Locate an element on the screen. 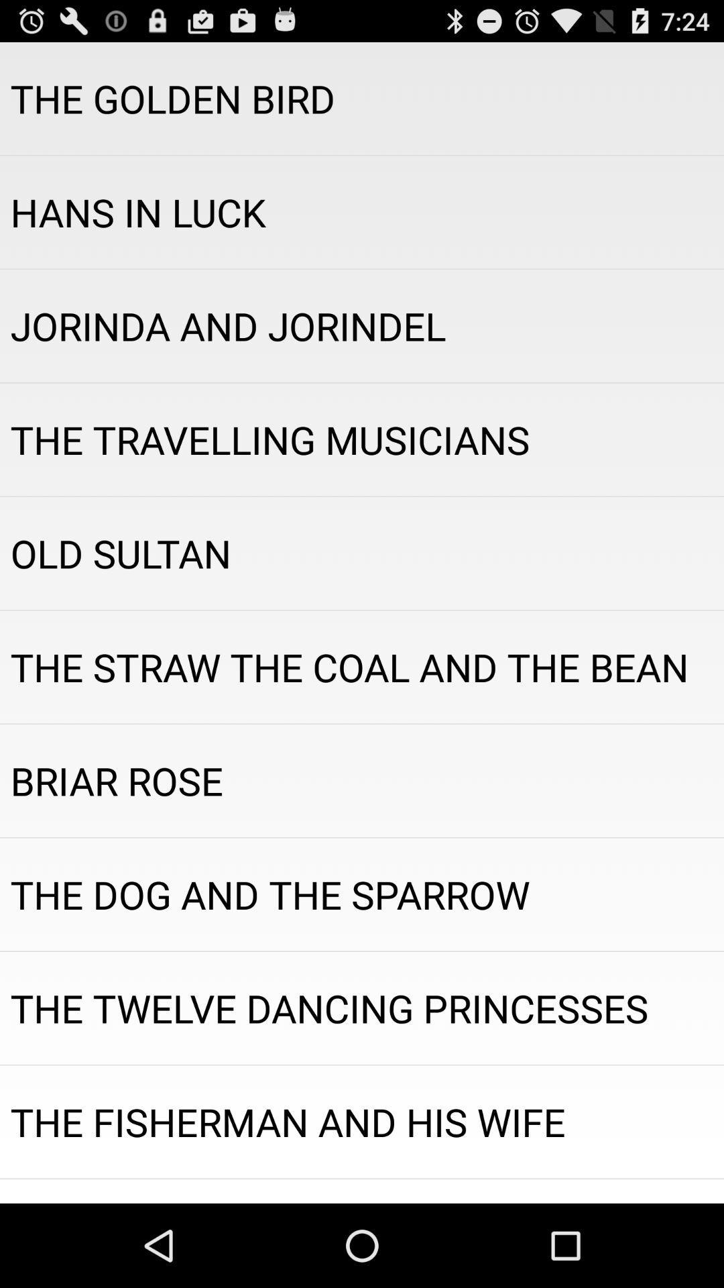 The image size is (724, 1288). the old sultan icon is located at coordinates (362, 553).